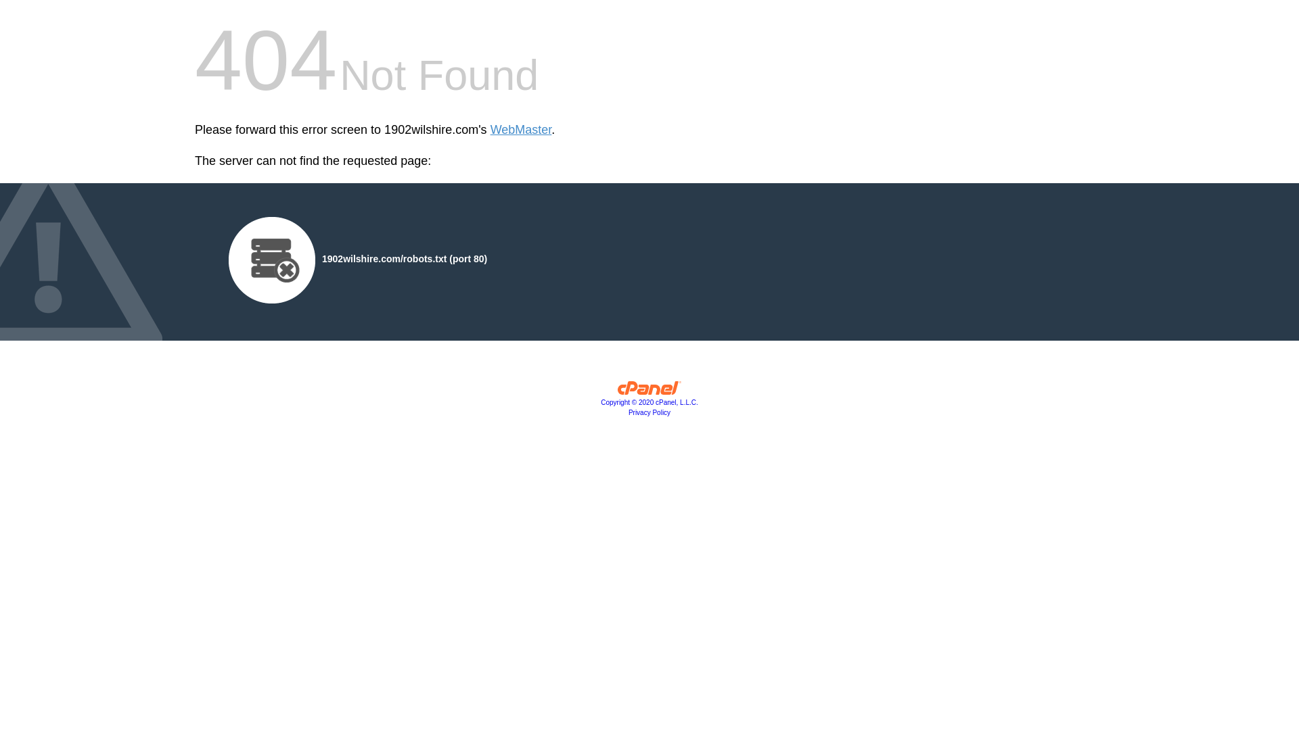 The image size is (1299, 730). Describe the element at coordinates (489, 130) in the screenshot. I see `'WebMaster'` at that location.